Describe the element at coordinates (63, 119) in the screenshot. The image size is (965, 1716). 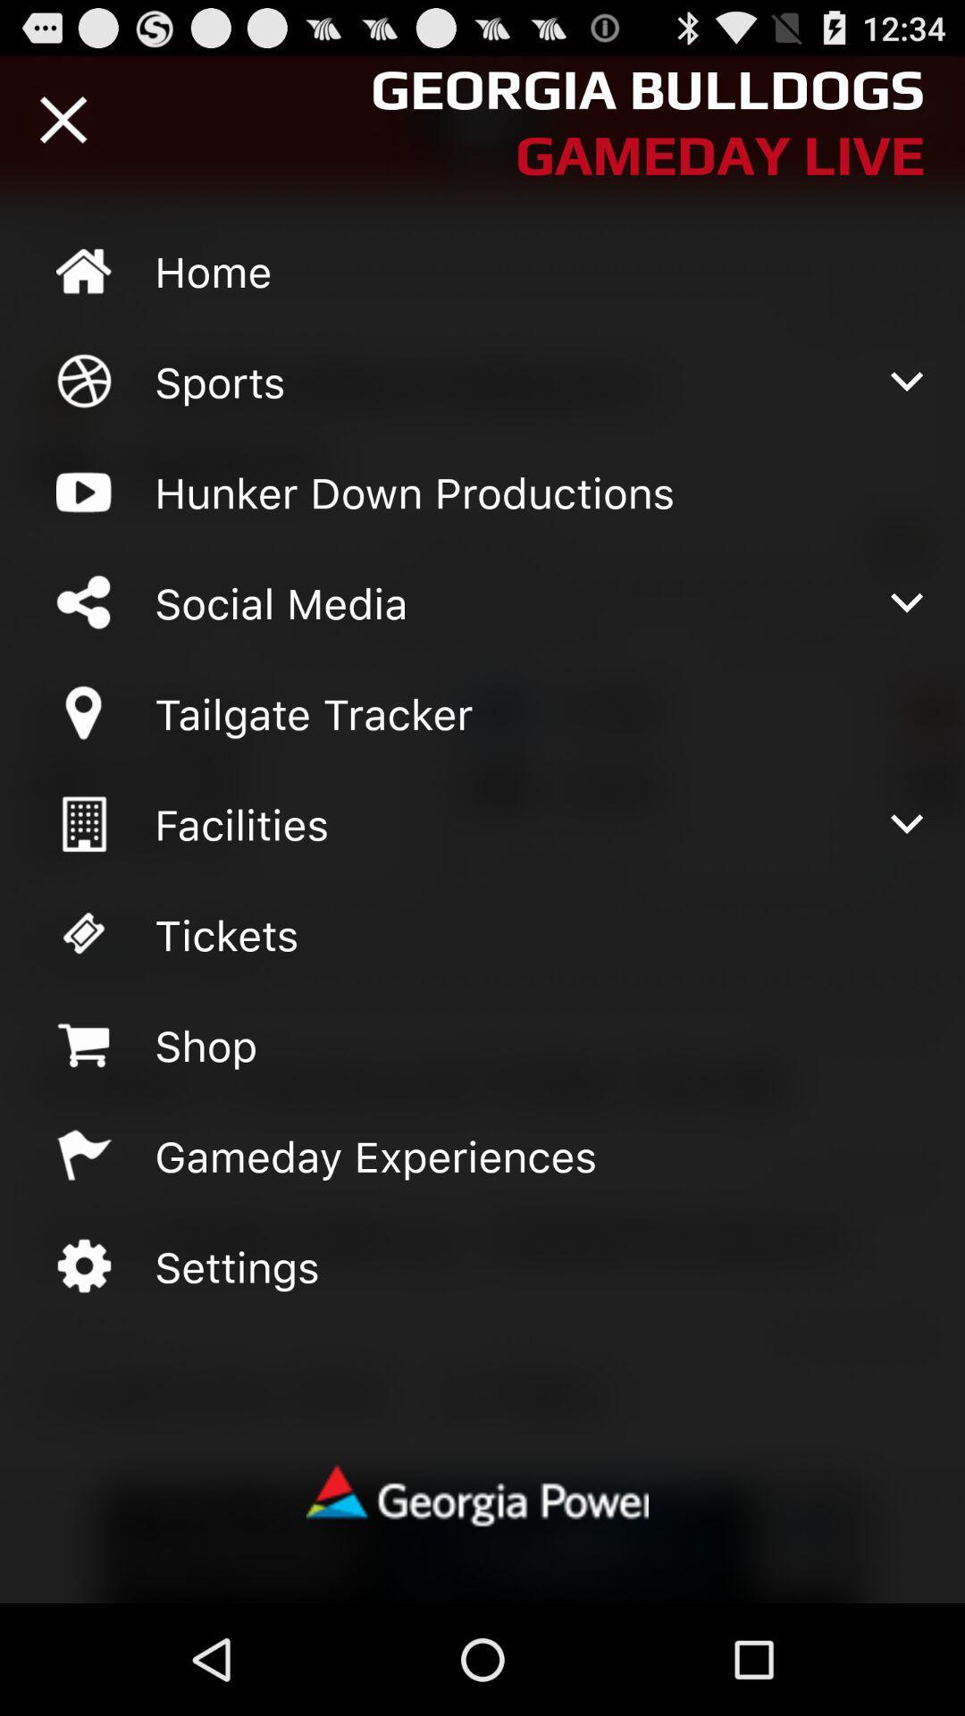
I see `closes menu` at that location.